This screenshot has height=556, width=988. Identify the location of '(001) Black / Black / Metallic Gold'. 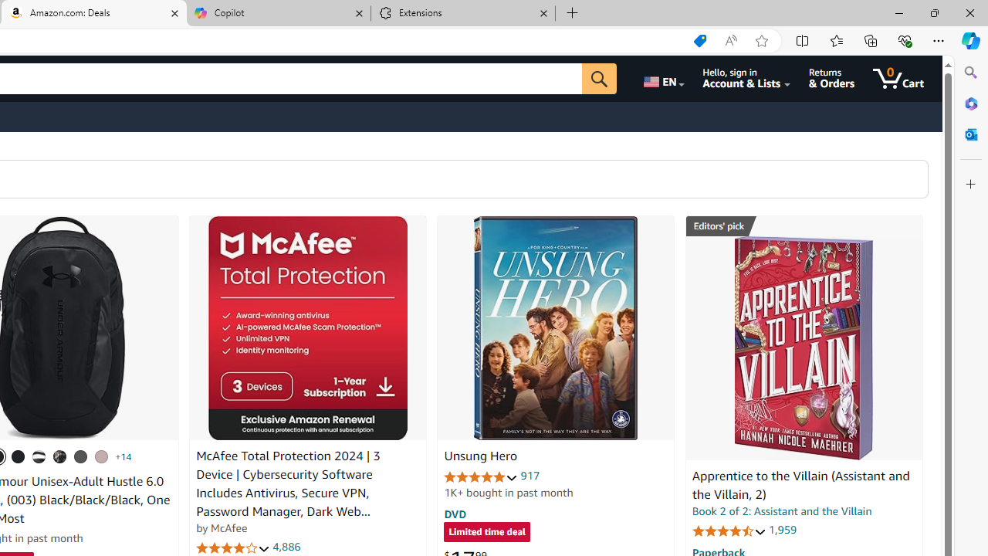
(19, 456).